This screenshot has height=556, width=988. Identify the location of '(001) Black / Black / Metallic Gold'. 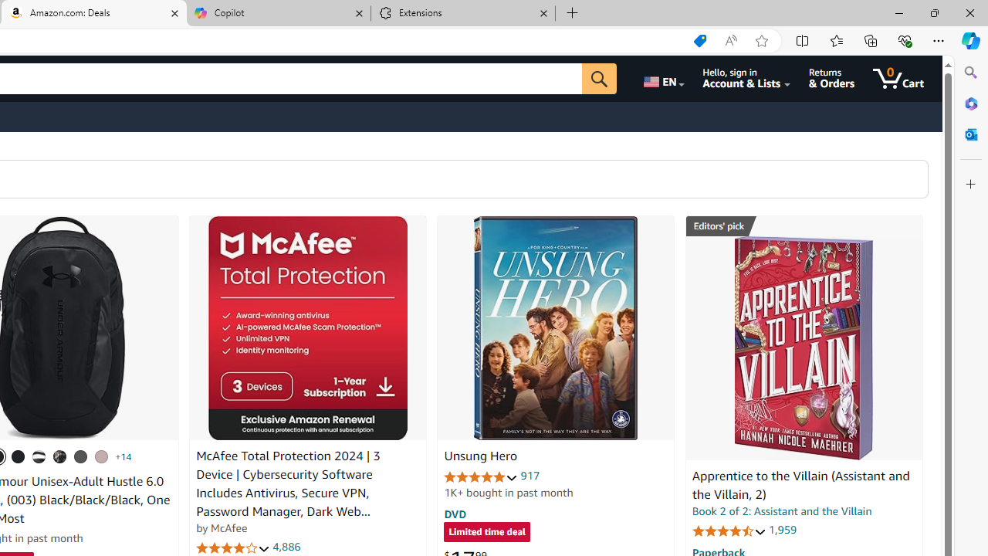
(19, 456).